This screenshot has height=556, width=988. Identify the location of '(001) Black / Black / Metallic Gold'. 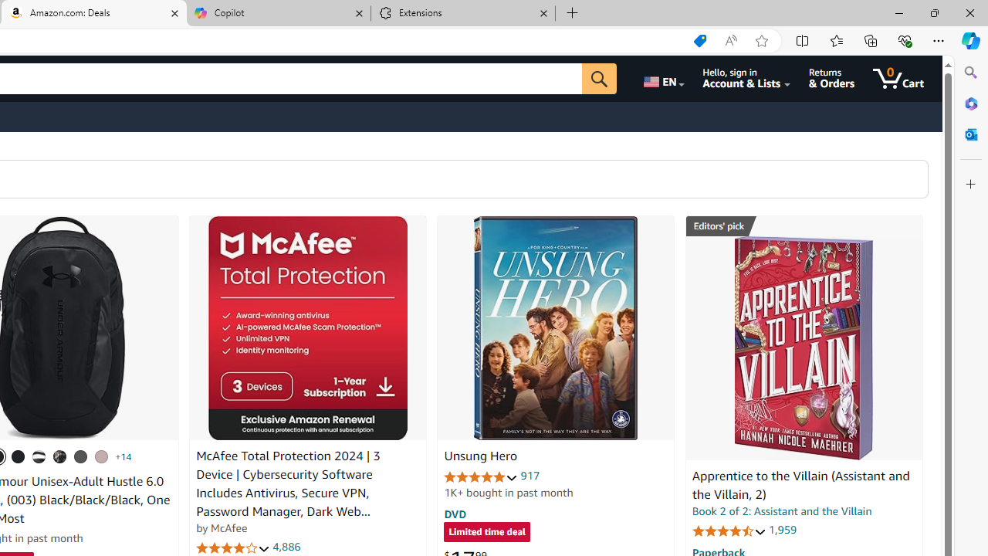
(19, 456).